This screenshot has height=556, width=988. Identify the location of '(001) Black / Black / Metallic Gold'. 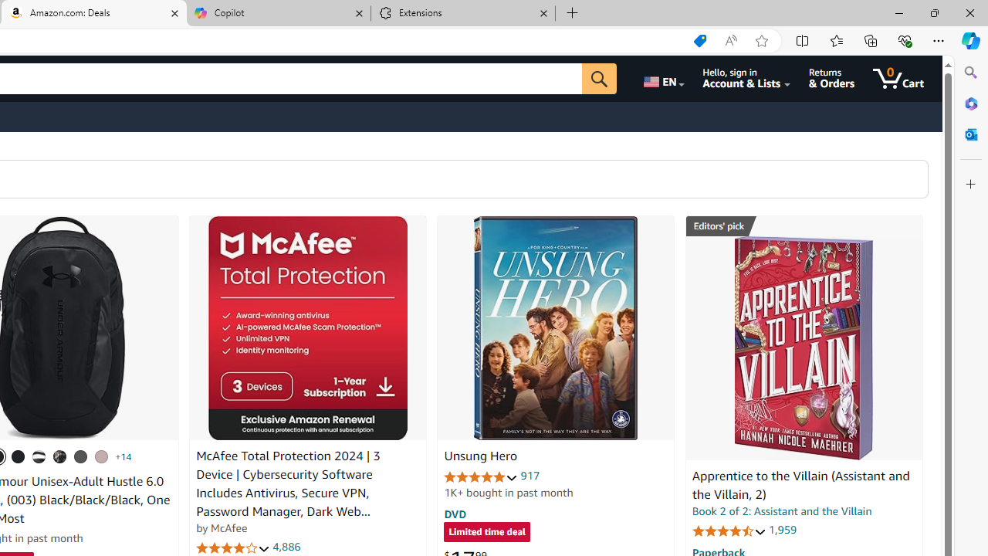
(19, 456).